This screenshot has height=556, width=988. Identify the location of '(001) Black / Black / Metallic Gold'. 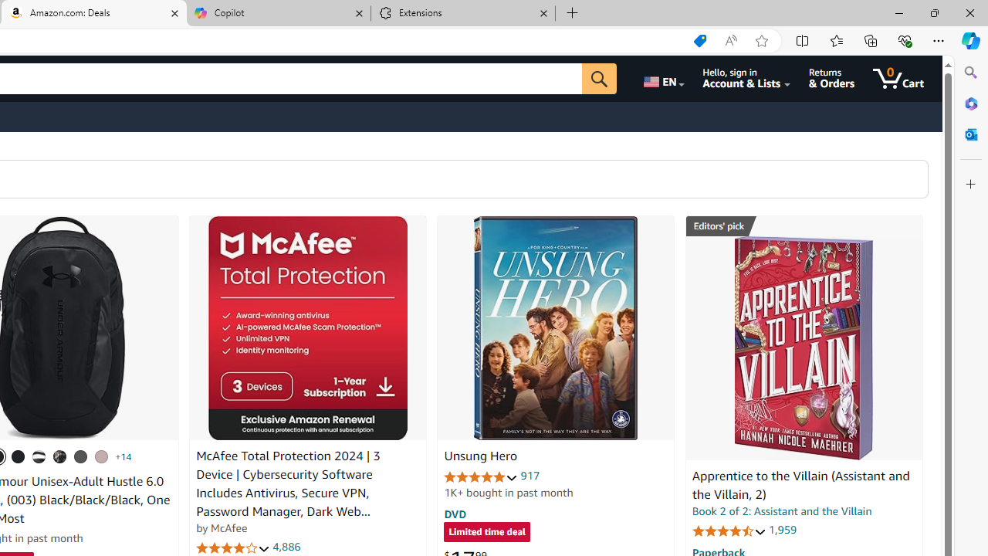
(19, 456).